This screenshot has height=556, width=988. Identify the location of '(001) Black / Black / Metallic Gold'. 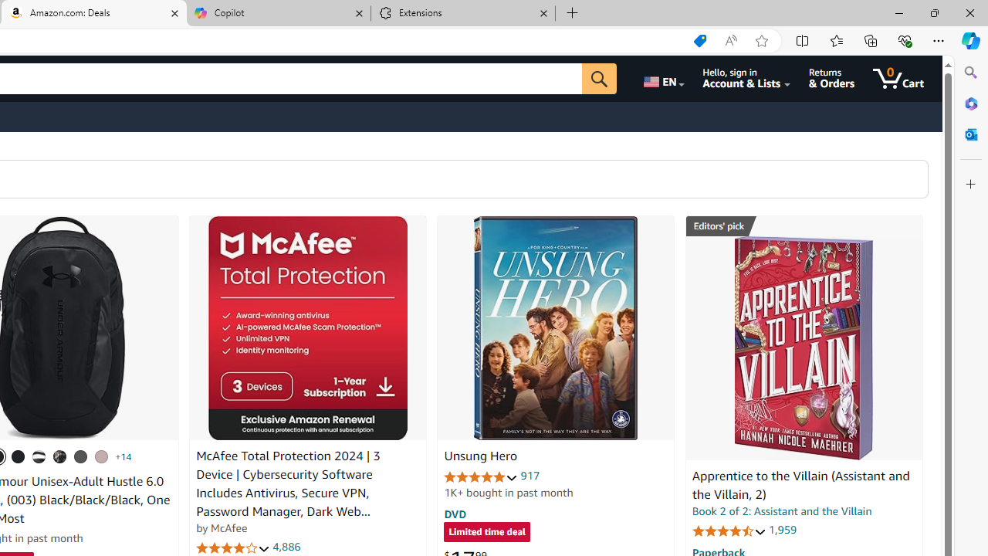
(19, 456).